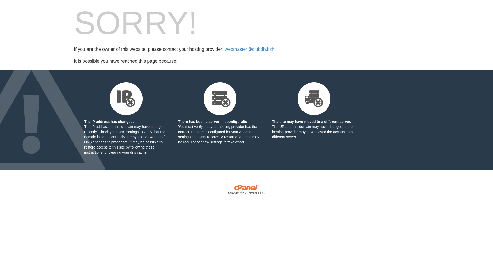  Describe the element at coordinates (249, 49) in the screenshot. I see `'webmaster@clubdh.bzh'` at that location.